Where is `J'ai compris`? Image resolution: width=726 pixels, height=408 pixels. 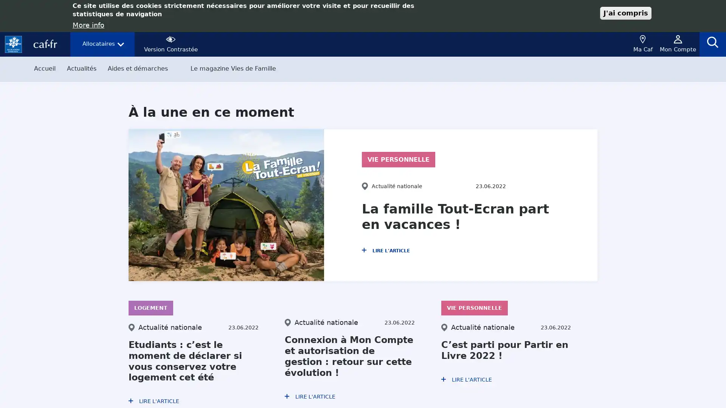 J'ai compris is located at coordinates (626, 13).